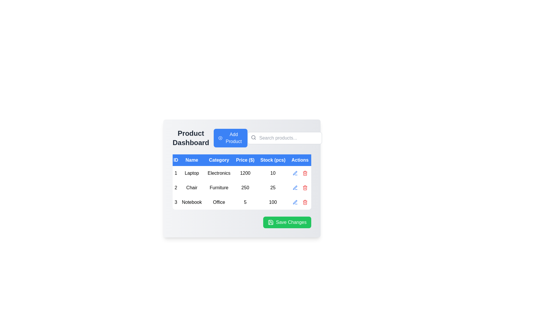  What do you see at coordinates (219, 173) in the screenshot?
I see `the 'Electronics' static text label, which is a bold black sans-serif font located in the third cell of the first data row under the 'Category' column, aligned with the 'Laptop' row` at bounding box center [219, 173].